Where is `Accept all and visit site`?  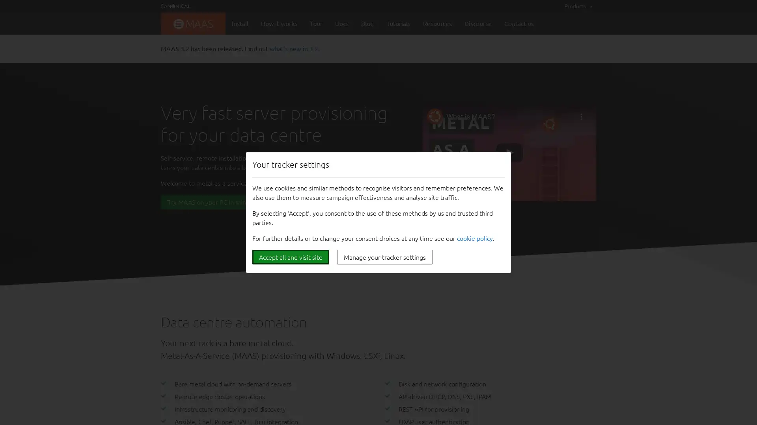 Accept all and visit site is located at coordinates (290, 257).